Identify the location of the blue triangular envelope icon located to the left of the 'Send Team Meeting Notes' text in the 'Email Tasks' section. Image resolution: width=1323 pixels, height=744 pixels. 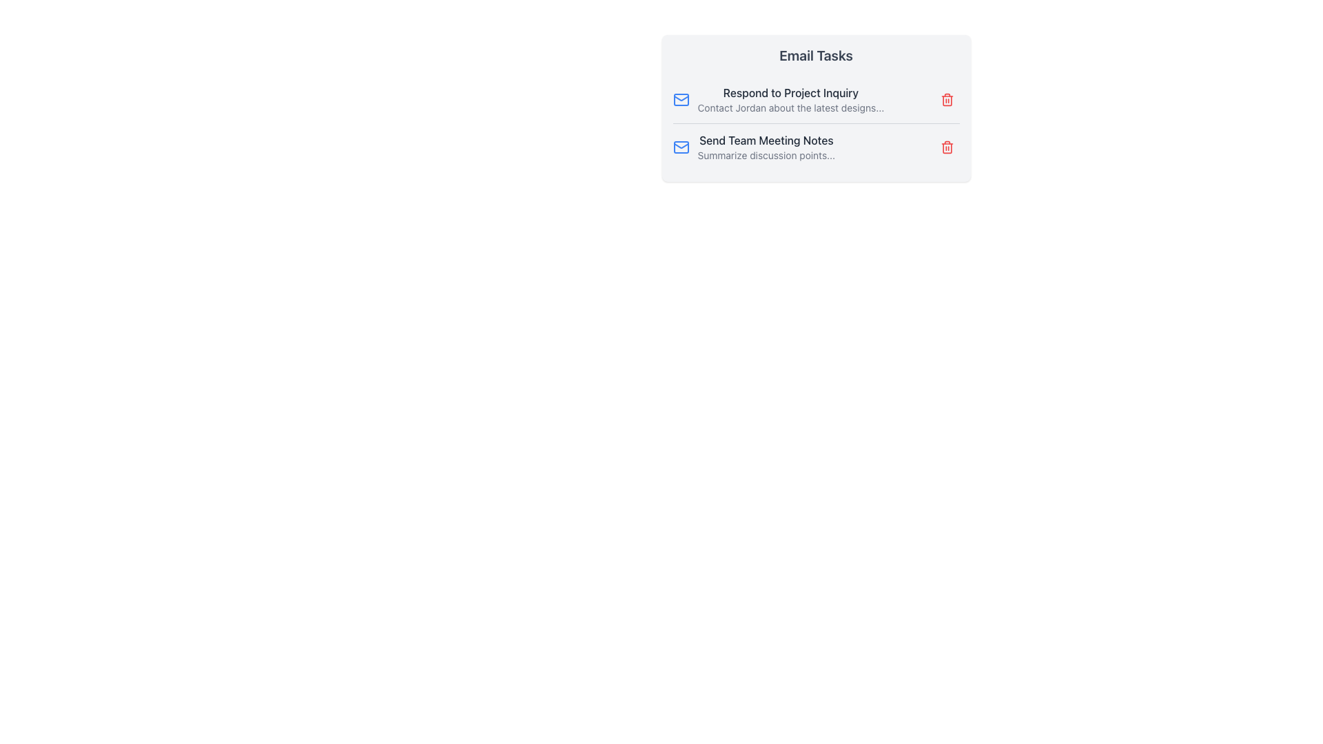
(681, 97).